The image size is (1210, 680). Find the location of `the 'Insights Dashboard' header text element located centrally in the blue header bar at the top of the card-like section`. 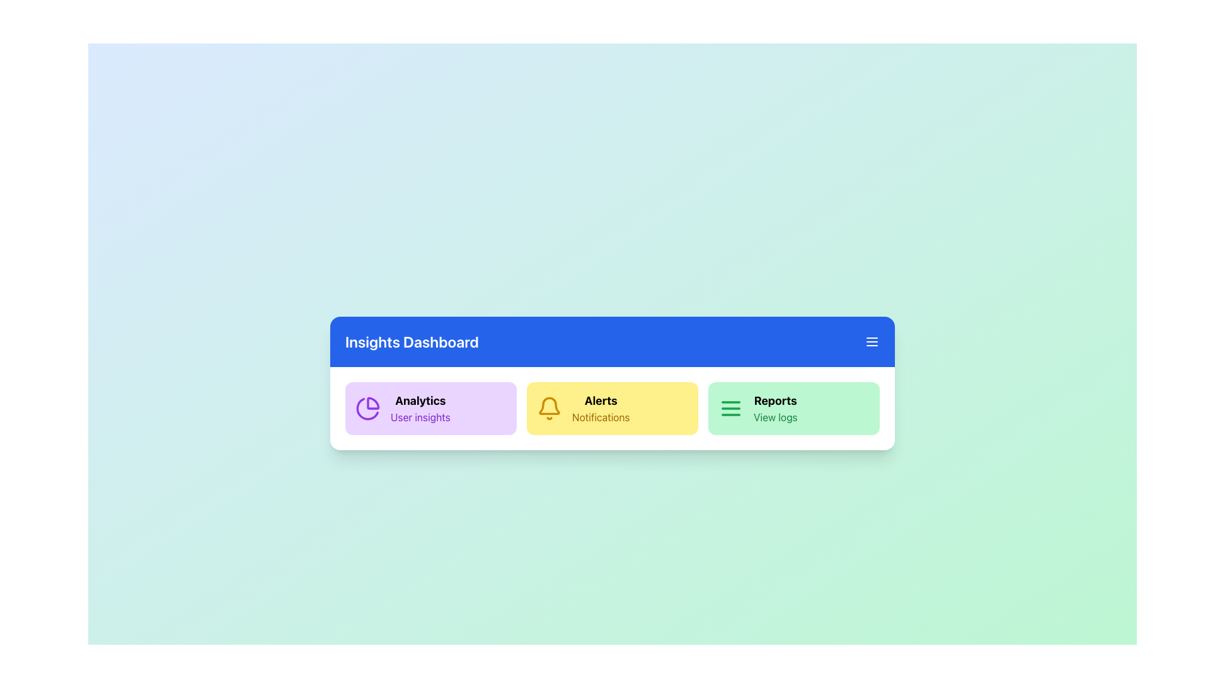

the 'Insights Dashboard' header text element located centrally in the blue header bar at the top of the card-like section is located at coordinates (412, 342).